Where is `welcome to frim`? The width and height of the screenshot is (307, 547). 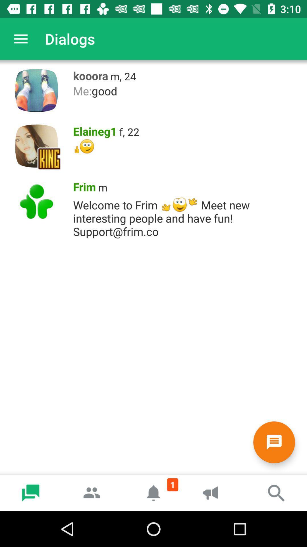
welcome to frim is located at coordinates (187, 216).